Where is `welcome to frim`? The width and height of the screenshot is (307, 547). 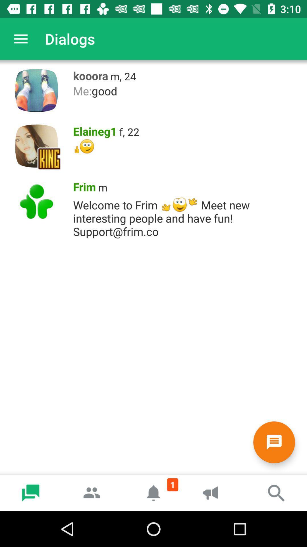
welcome to frim is located at coordinates (187, 216).